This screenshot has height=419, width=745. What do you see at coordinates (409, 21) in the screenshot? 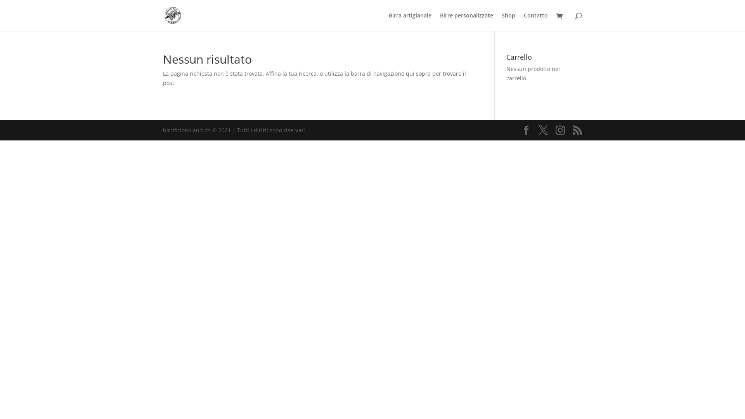
I see `'Birra artigianale'` at bounding box center [409, 21].